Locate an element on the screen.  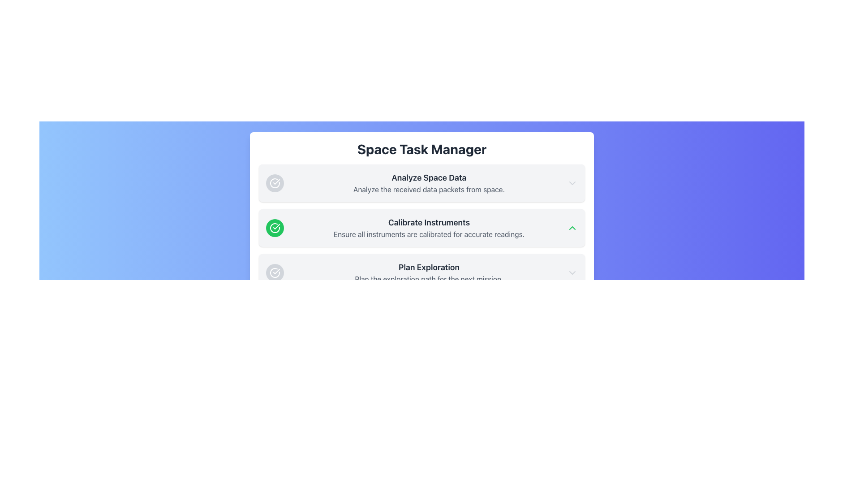
the 'Calibrate Instruments' task entry in the Space Task Manager section is located at coordinates (421, 228).